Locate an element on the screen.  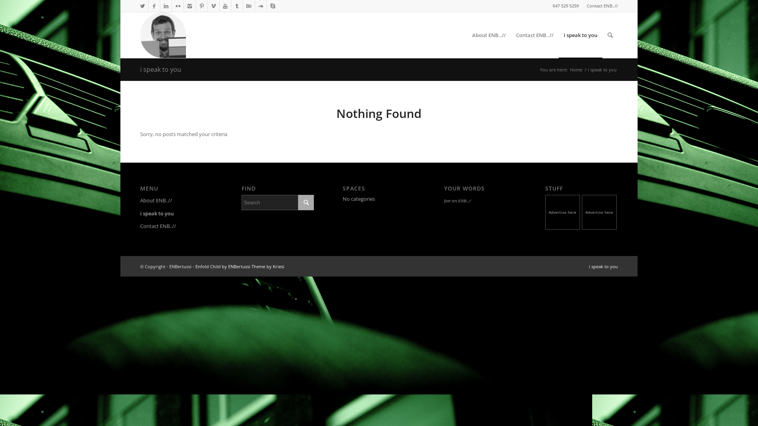
'Contact ENB..//' is located at coordinates (602, 6).